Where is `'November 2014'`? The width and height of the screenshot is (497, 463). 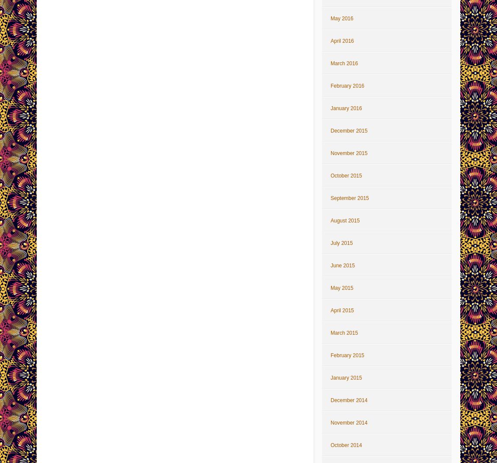
'November 2014' is located at coordinates (348, 422).